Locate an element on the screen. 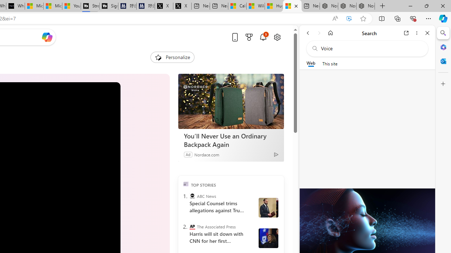  'Open settings' is located at coordinates (277, 37).